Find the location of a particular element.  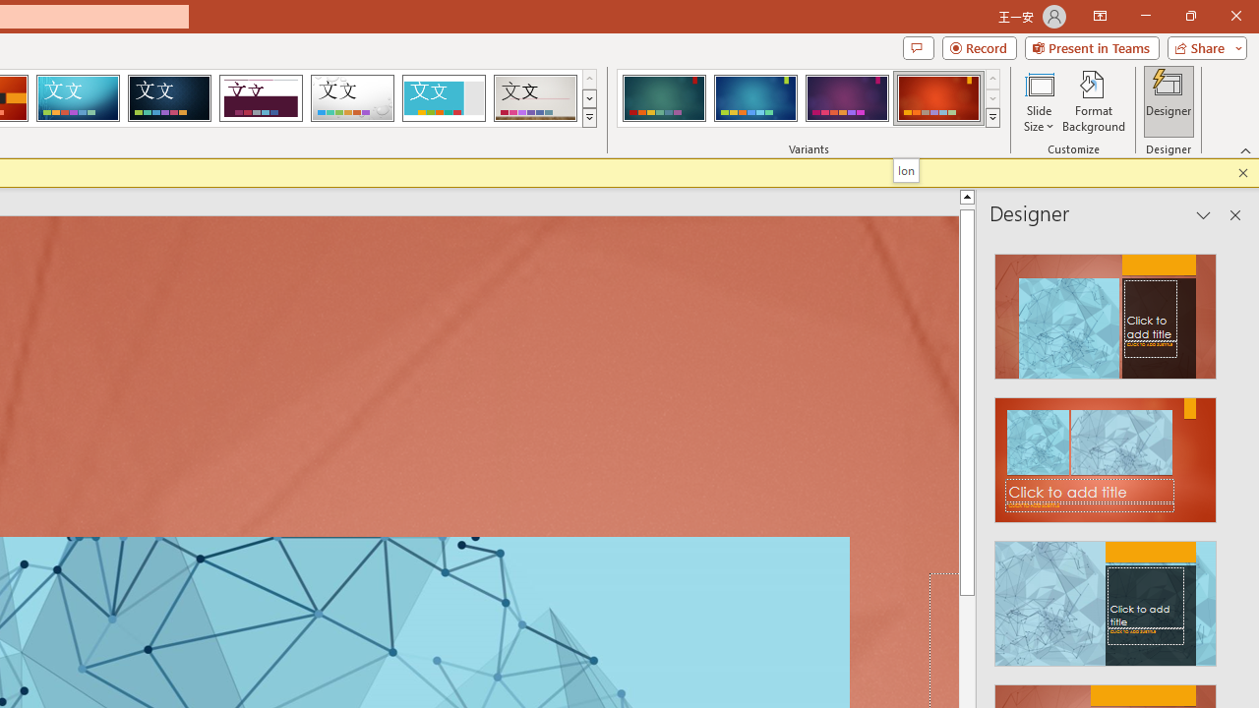

'Damask' is located at coordinates (169, 98).